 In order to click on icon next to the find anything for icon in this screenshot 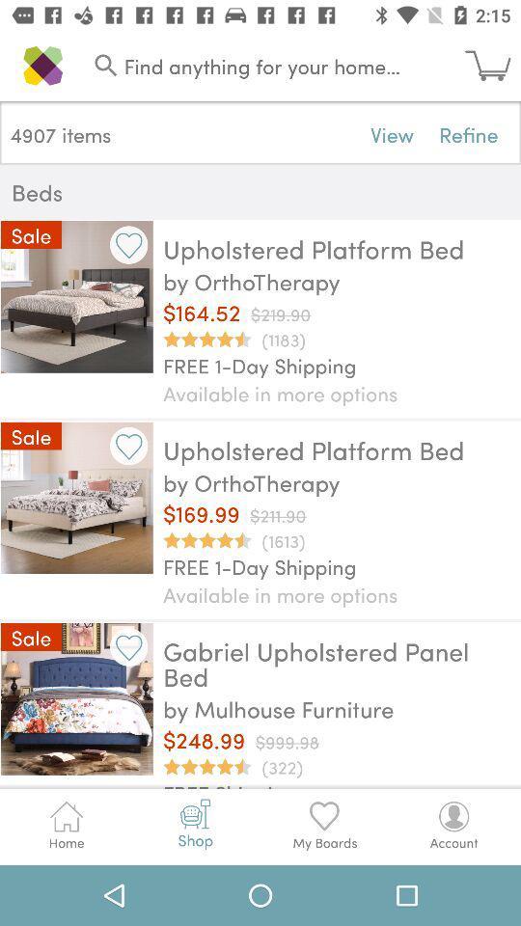, I will do `click(493, 66)`.